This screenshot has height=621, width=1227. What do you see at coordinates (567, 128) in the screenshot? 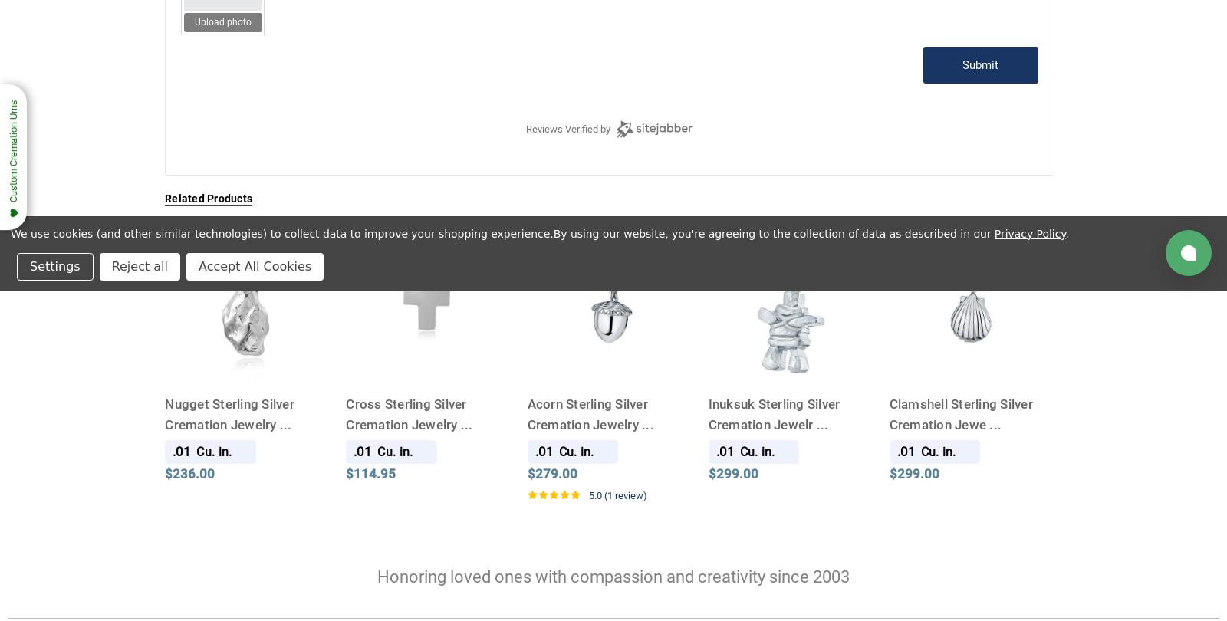
I see `'Reviews Verified by'` at bounding box center [567, 128].